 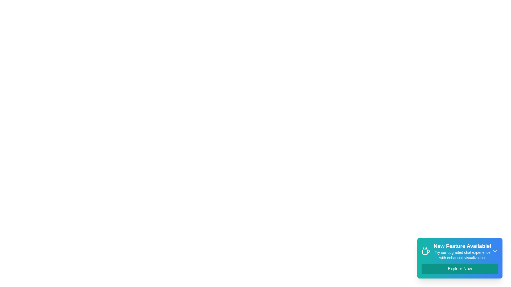 I want to click on the close icon to dismiss the snackbar, so click(x=495, y=251).